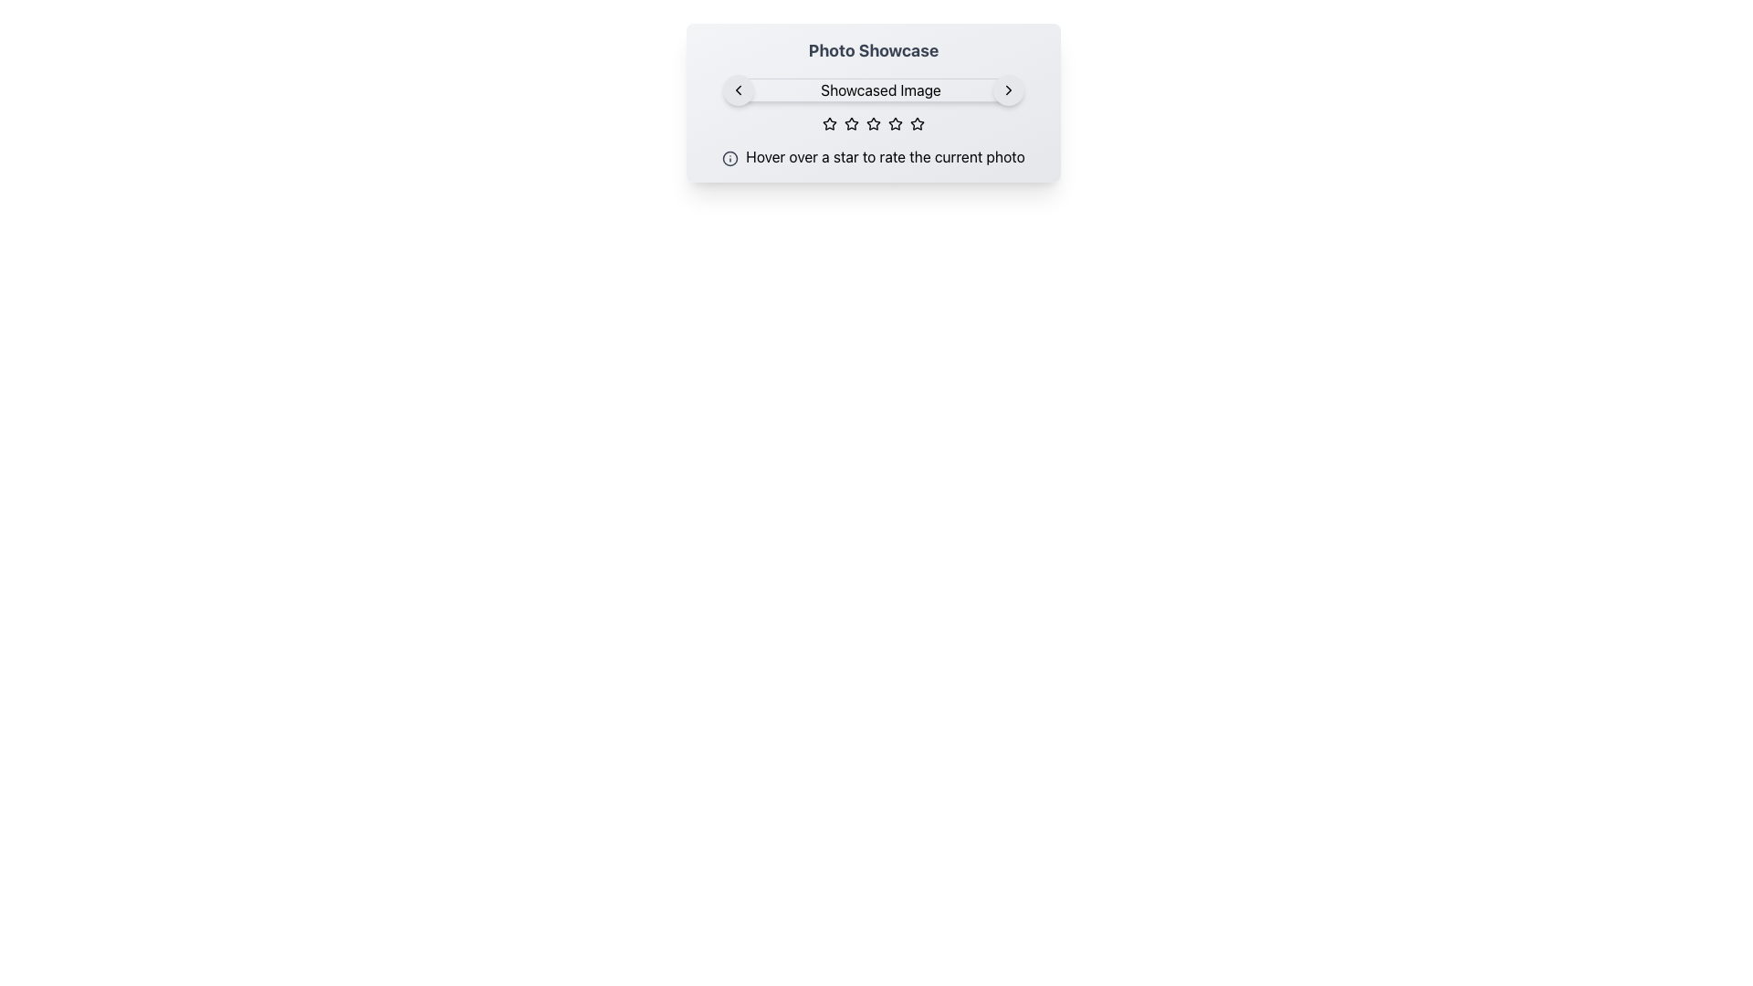 The height and width of the screenshot is (986, 1753). What do you see at coordinates (739, 90) in the screenshot?
I see `the navigation icon within the circular button located in the top-left section of the 'Photo Showcase' component` at bounding box center [739, 90].